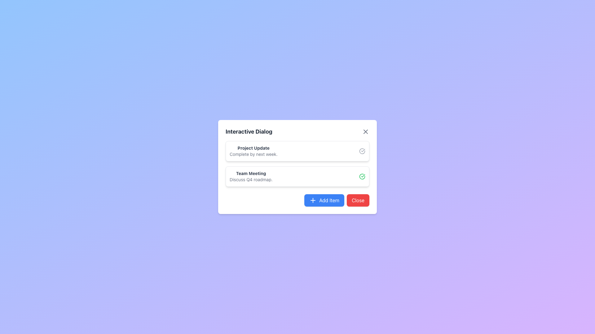 Image resolution: width=595 pixels, height=334 pixels. What do you see at coordinates (362, 176) in the screenshot?
I see `circular outline segment of the confirmation checkmark icon located at the right end of the 'Team Meeting' item row in the dialog` at bounding box center [362, 176].